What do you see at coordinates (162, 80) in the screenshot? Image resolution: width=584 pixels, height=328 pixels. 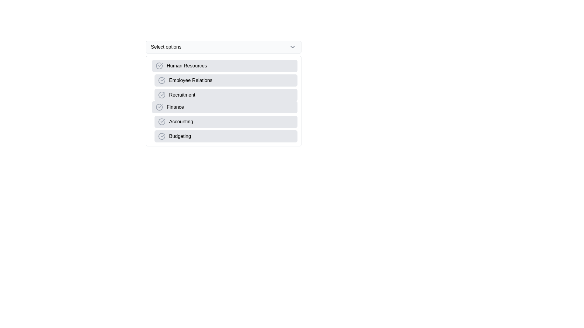 I see `the status icon on the left side of the 'Employee Relations' row` at bounding box center [162, 80].